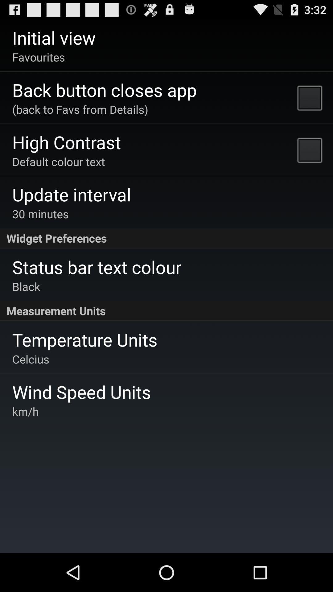 Image resolution: width=333 pixels, height=592 pixels. I want to click on the update interval, so click(71, 194).